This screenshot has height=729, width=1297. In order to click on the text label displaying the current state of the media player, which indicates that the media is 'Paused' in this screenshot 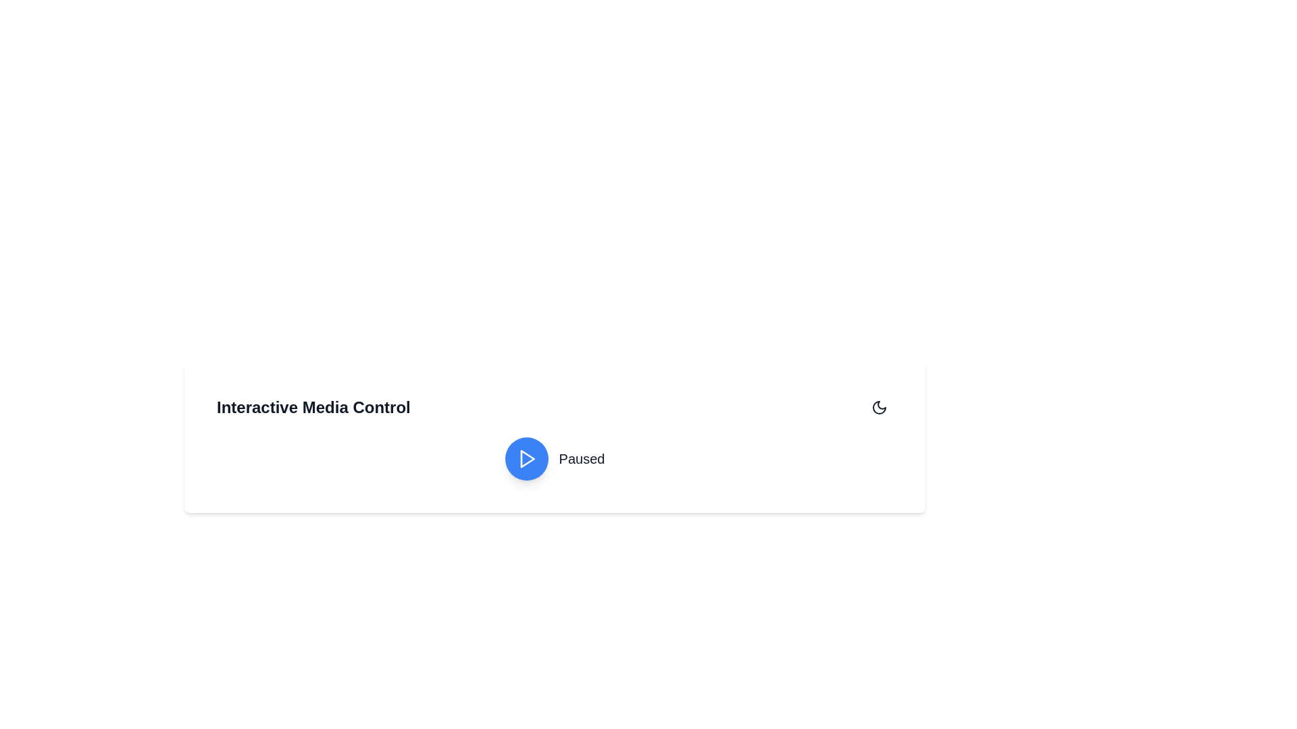, I will do `click(582, 458)`.